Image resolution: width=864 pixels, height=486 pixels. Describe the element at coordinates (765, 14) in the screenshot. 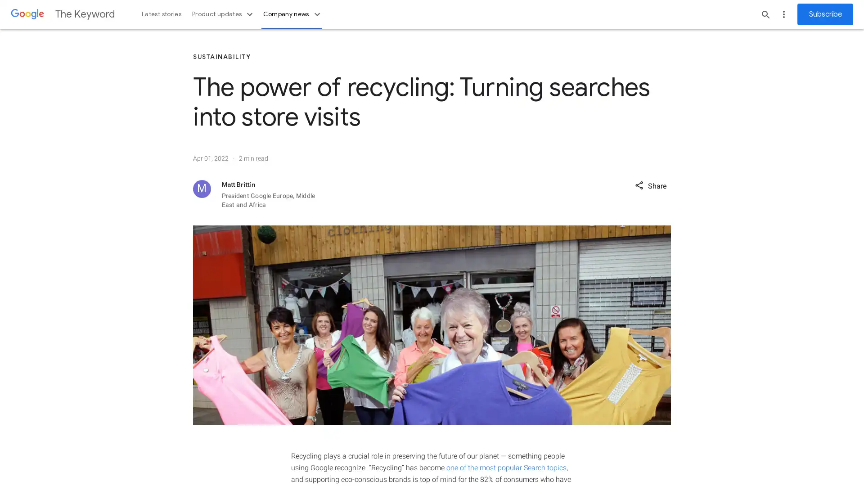

I see `Search` at that location.